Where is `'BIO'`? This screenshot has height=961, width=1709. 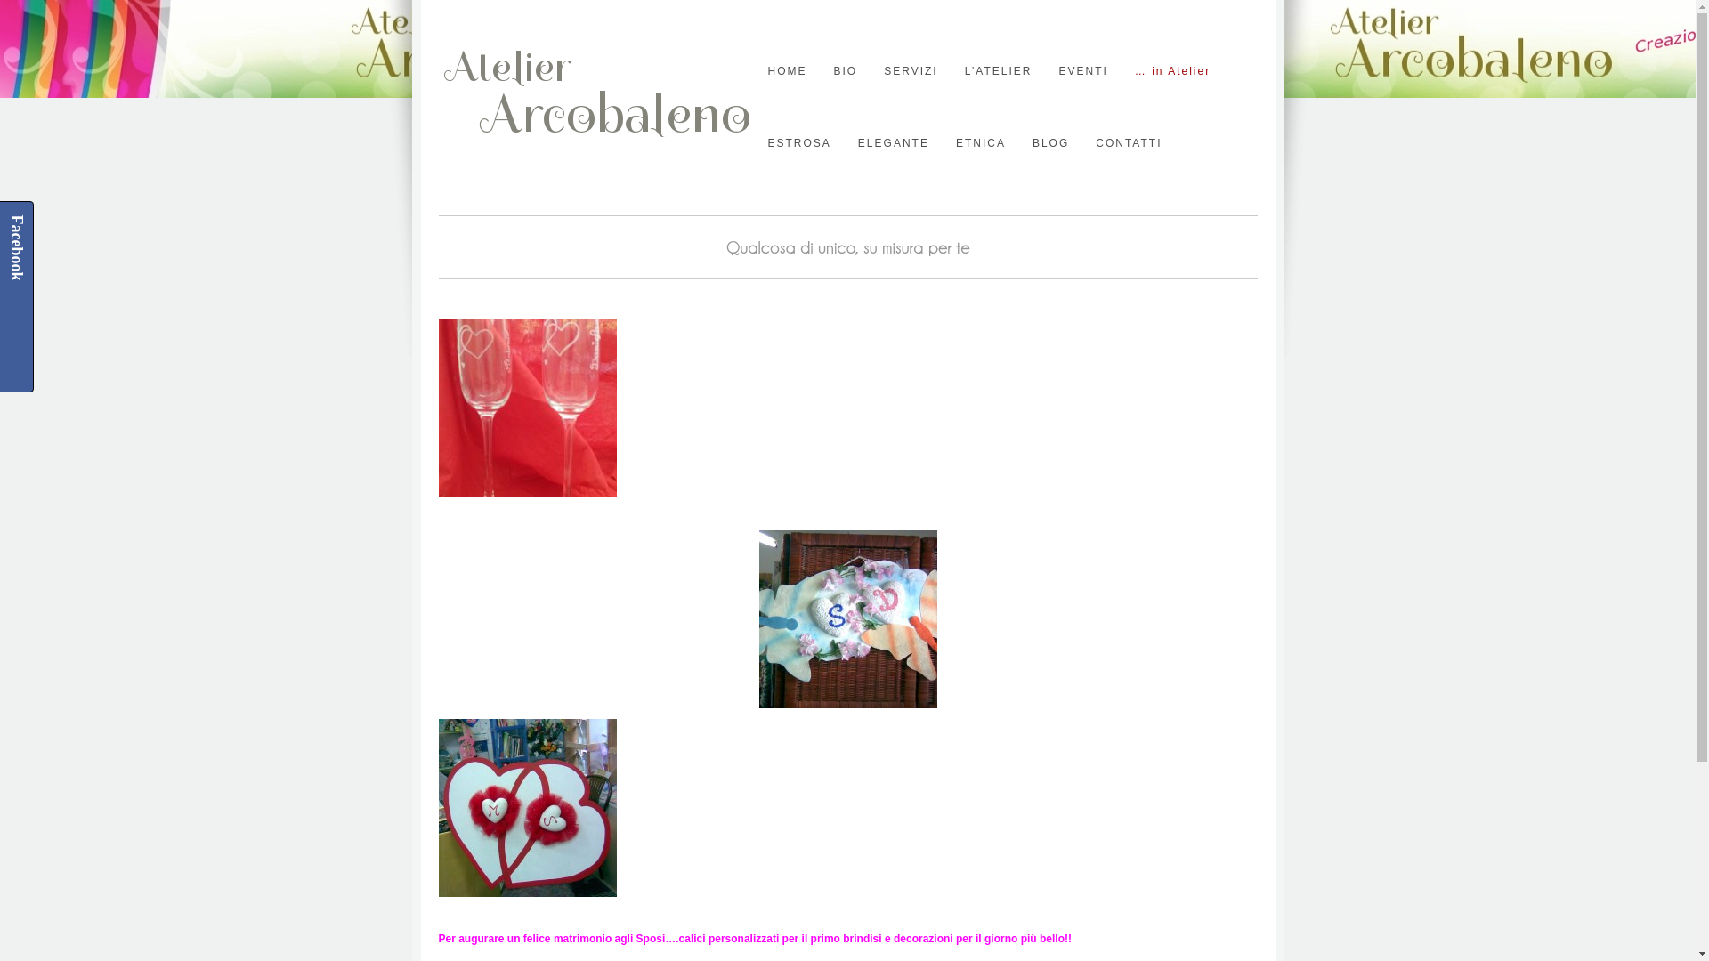
'BIO' is located at coordinates (844, 70).